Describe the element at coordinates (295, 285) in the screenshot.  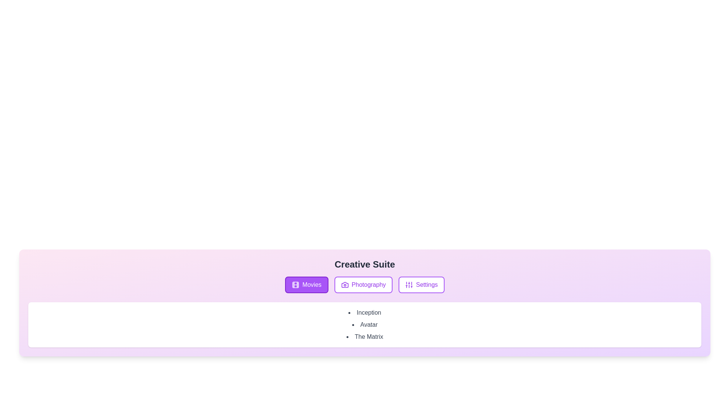
I see `the 'Movies' icon located next to the 'Movies' button in the top-left position of the button bar` at that location.